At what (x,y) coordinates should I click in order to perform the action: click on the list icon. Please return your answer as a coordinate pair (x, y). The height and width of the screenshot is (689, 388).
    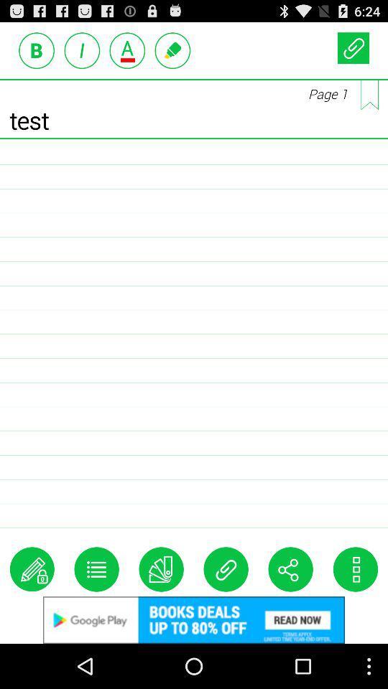
    Looking at the image, I should click on (96, 609).